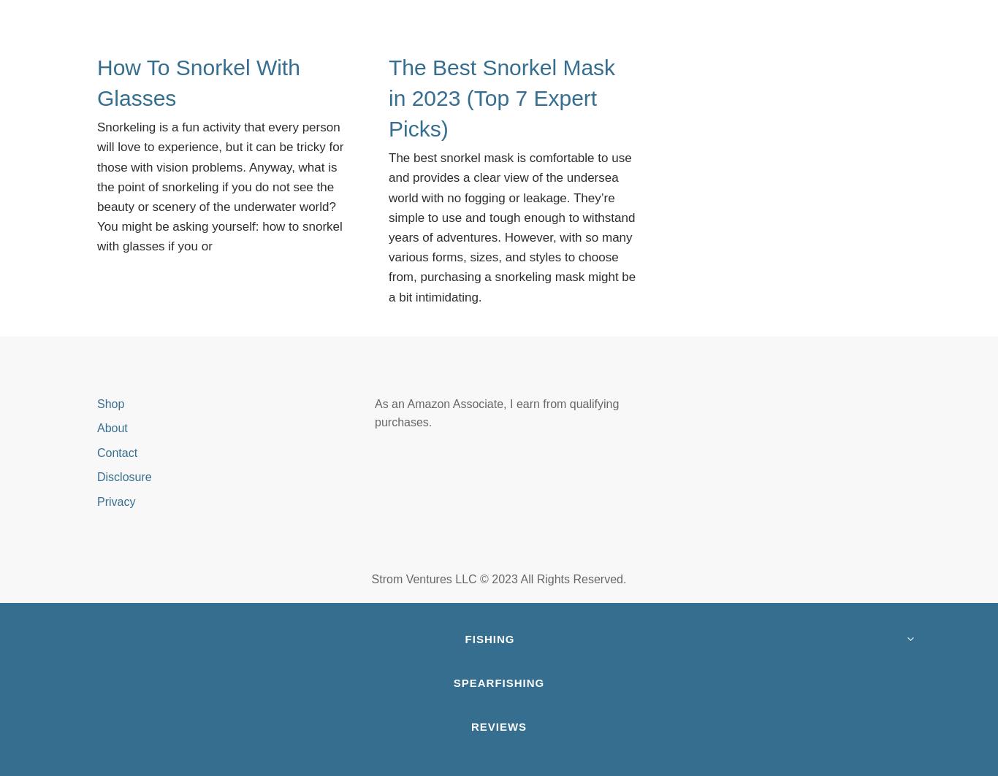 Image resolution: width=998 pixels, height=776 pixels. What do you see at coordinates (498, 682) in the screenshot?
I see `'Spearfishing'` at bounding box center [498, 682].